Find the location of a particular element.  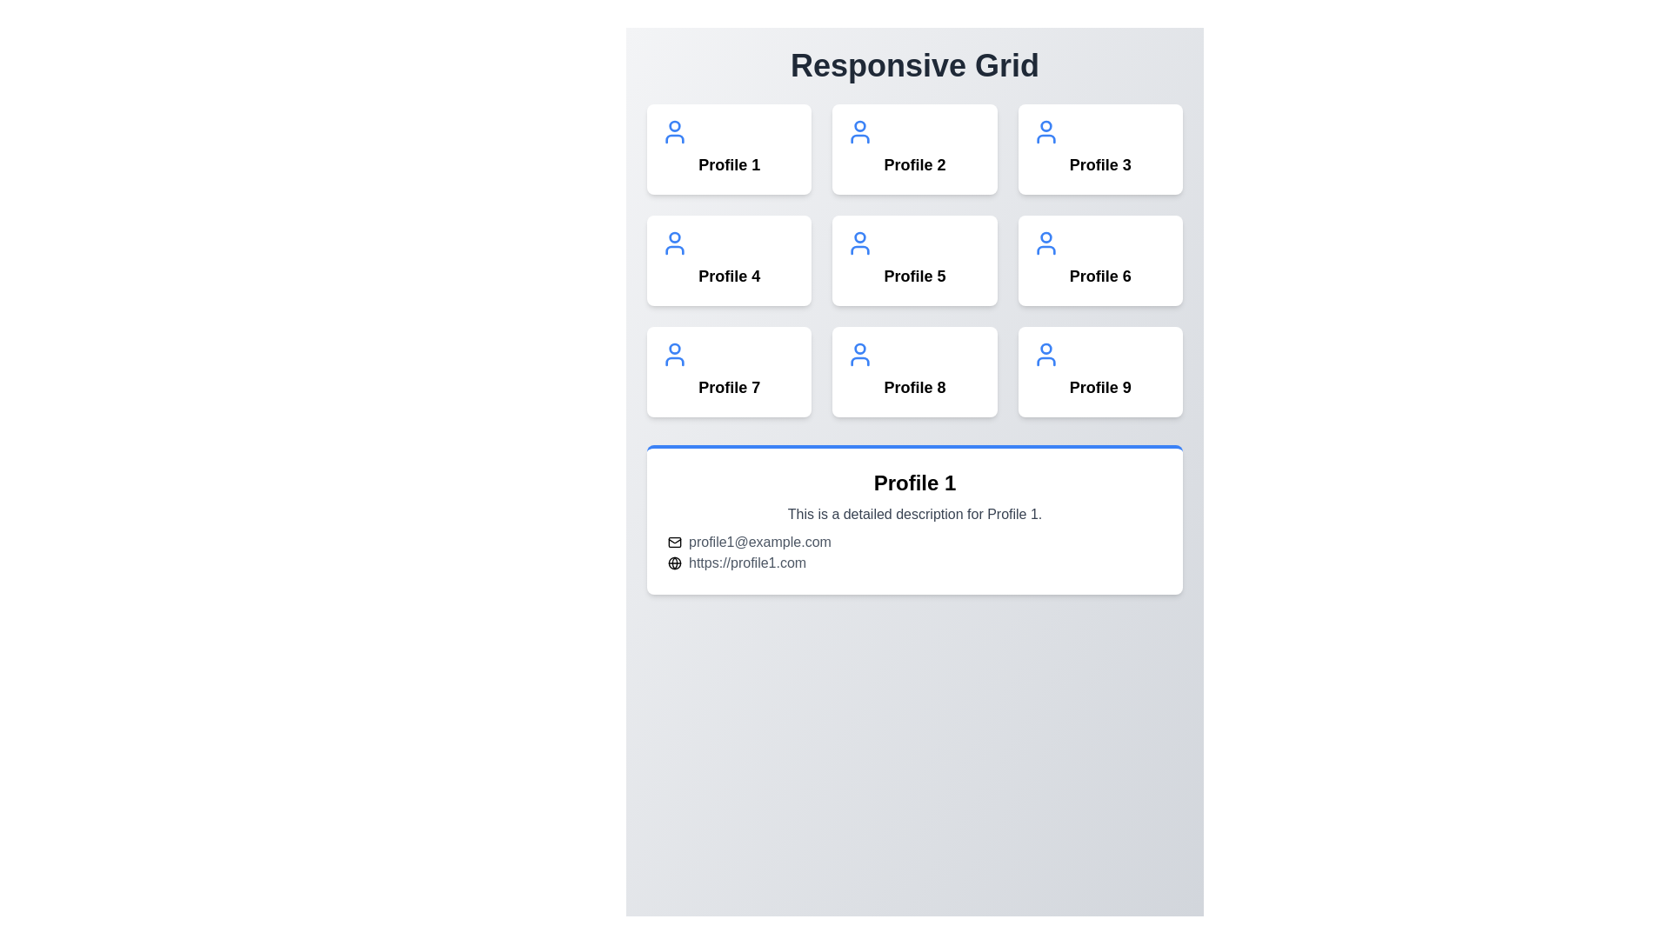

the profile icon located at the top of the 'Profile 1' card, which is the first card in the grid layout is located at coordinates (674, 130).